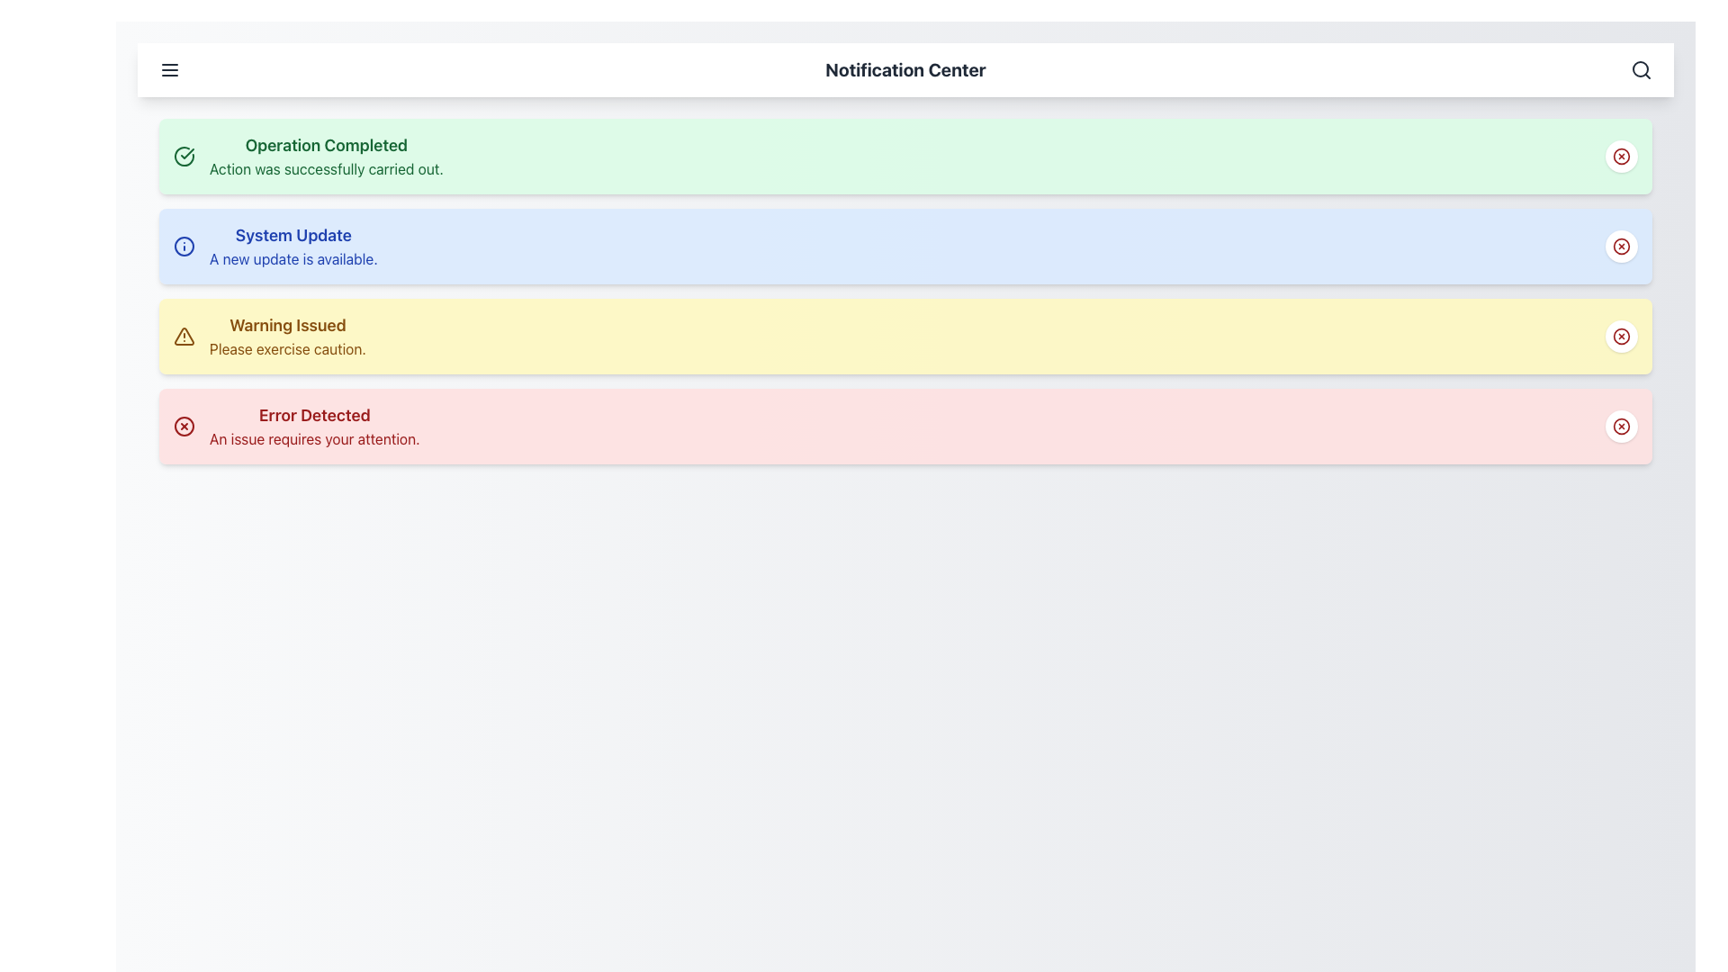 The image size is (1728, 972). I want to click on the success status indicator icon located at the top left of the green notification box that signifies 'Operation Completed', so click(184, 155).